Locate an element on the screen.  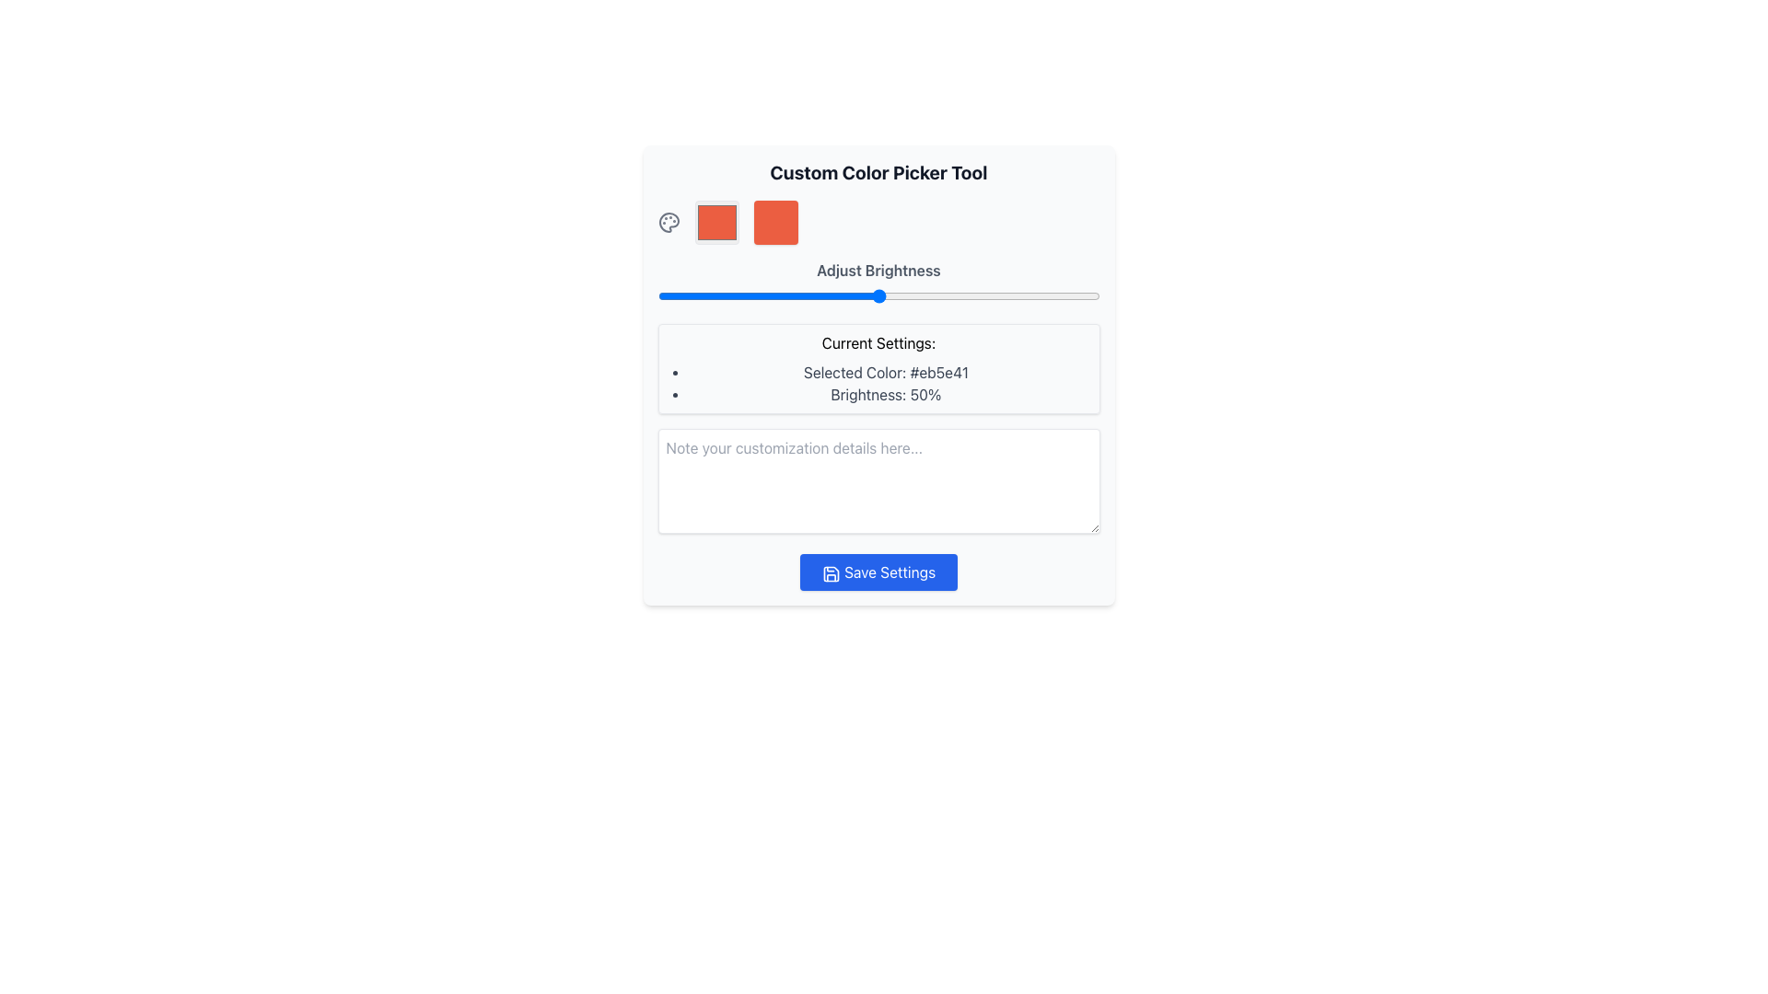
the horizontal segmented component for color selection located below the 'Custom Color Picker Tool' title is located at coordinates (878, 222).